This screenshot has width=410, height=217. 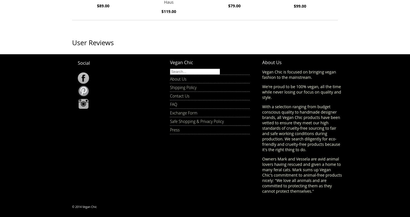 I want to click on 'Exchange Form', so click(x=183, y=112).